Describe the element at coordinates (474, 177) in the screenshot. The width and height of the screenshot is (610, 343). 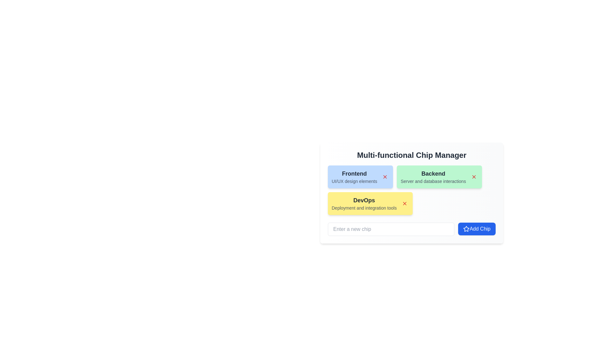
I see `the 'X' icon button styled as a cross with rounded edges, displayed in red, located on the right edge of the 'Backend' chip in the Multi-functional Chip Manager interface` at that location.